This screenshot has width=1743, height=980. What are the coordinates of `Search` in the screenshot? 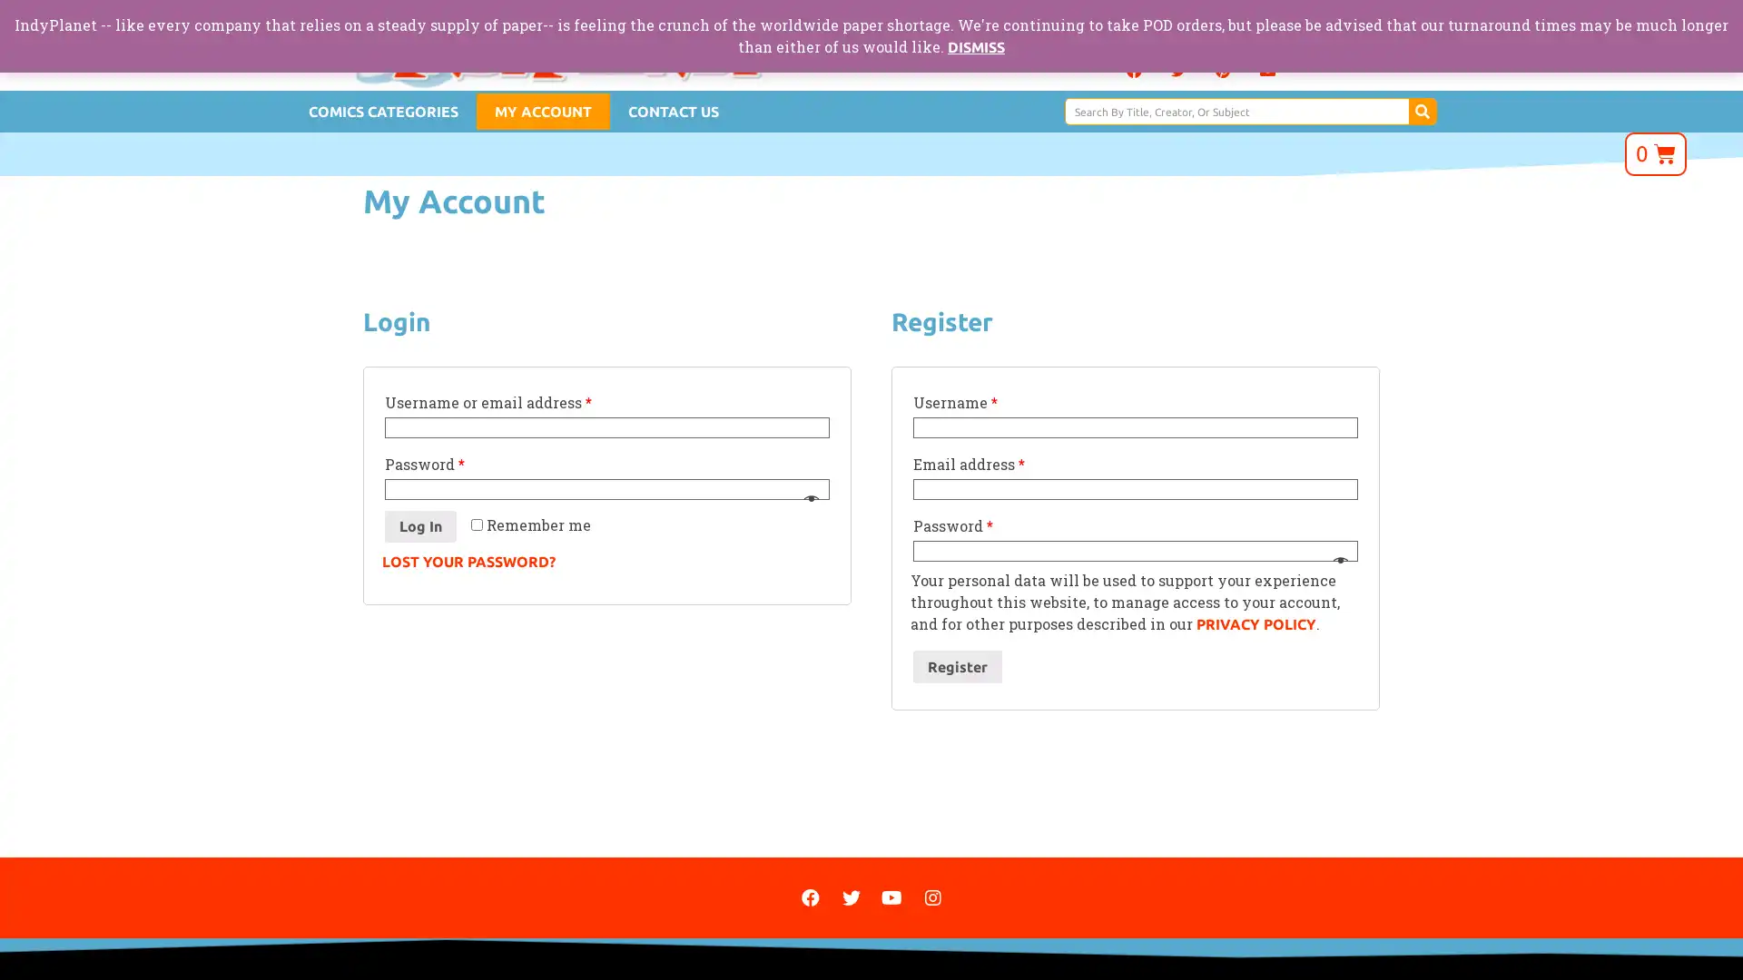 It's located at (1421, 112).